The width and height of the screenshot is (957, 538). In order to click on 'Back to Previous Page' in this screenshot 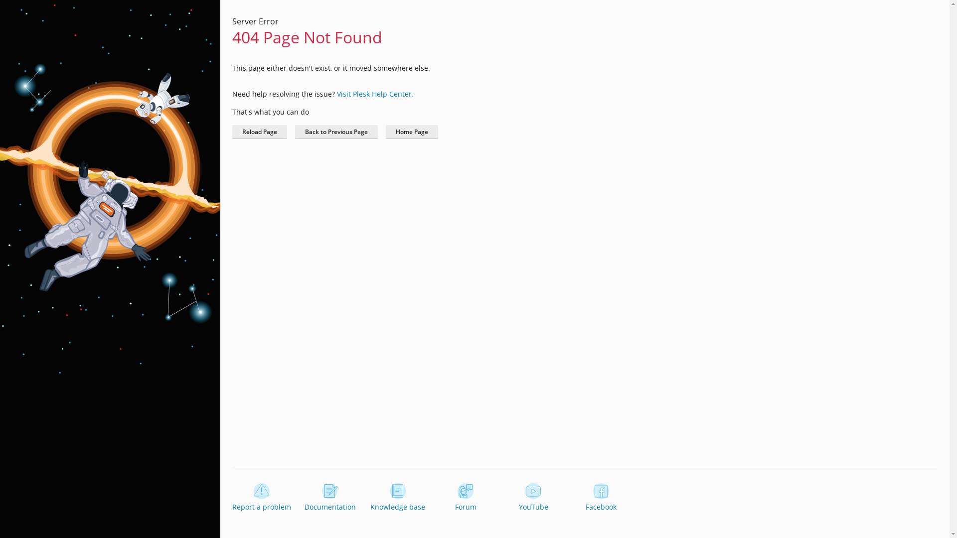, I will do `click(336, 132)`.